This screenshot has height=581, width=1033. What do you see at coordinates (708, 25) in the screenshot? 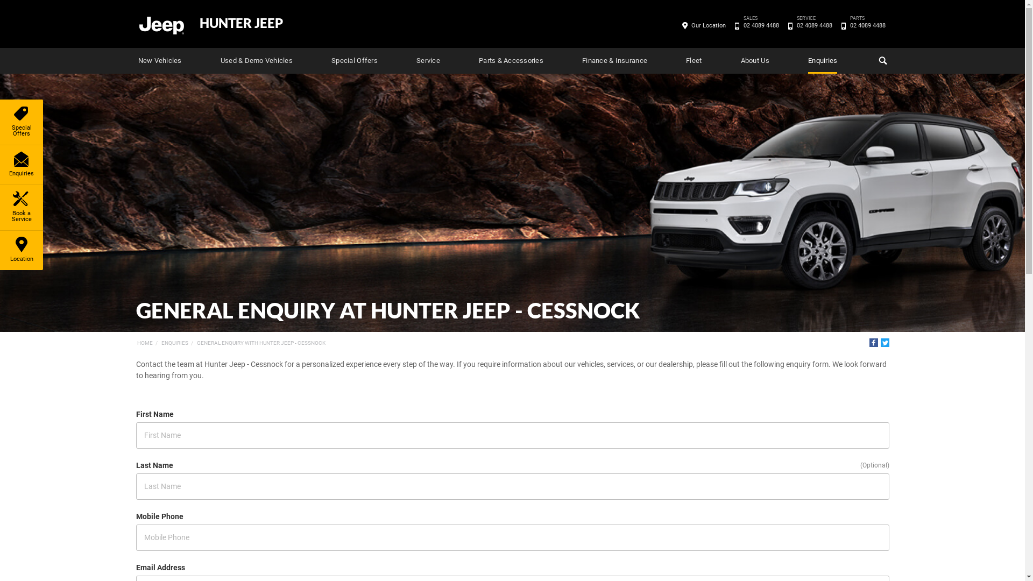
I see `'Our Location'` at bounding box center [708, 25].